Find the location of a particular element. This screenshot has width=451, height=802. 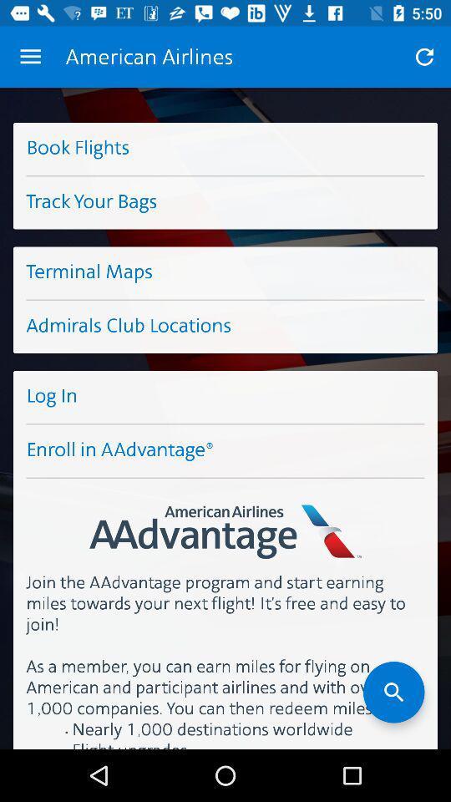

the item below the book flights icon is located at coordinates (225, 201).